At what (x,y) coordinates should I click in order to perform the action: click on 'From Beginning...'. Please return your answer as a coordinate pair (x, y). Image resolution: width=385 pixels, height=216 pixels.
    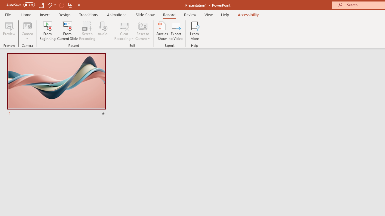
    Looking at the image, I should click on (47, 31).